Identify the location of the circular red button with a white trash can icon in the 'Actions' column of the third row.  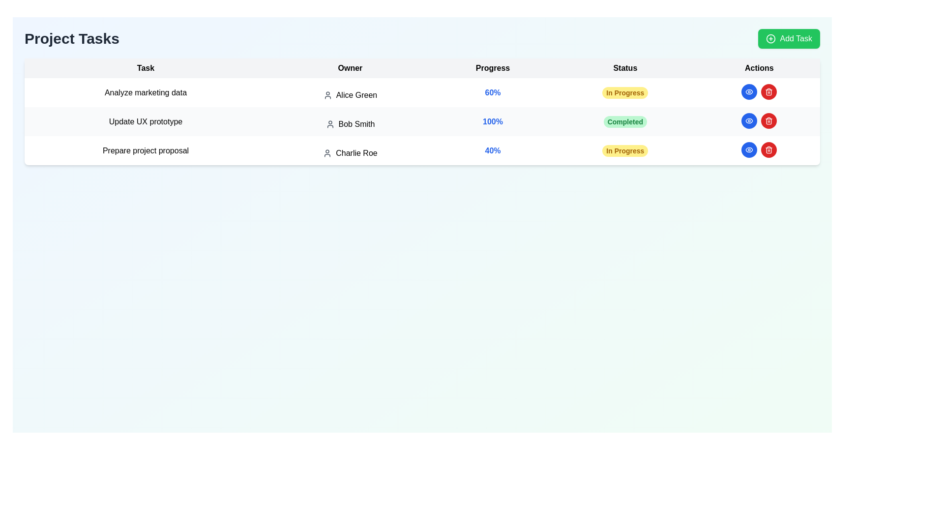
(768, 149).